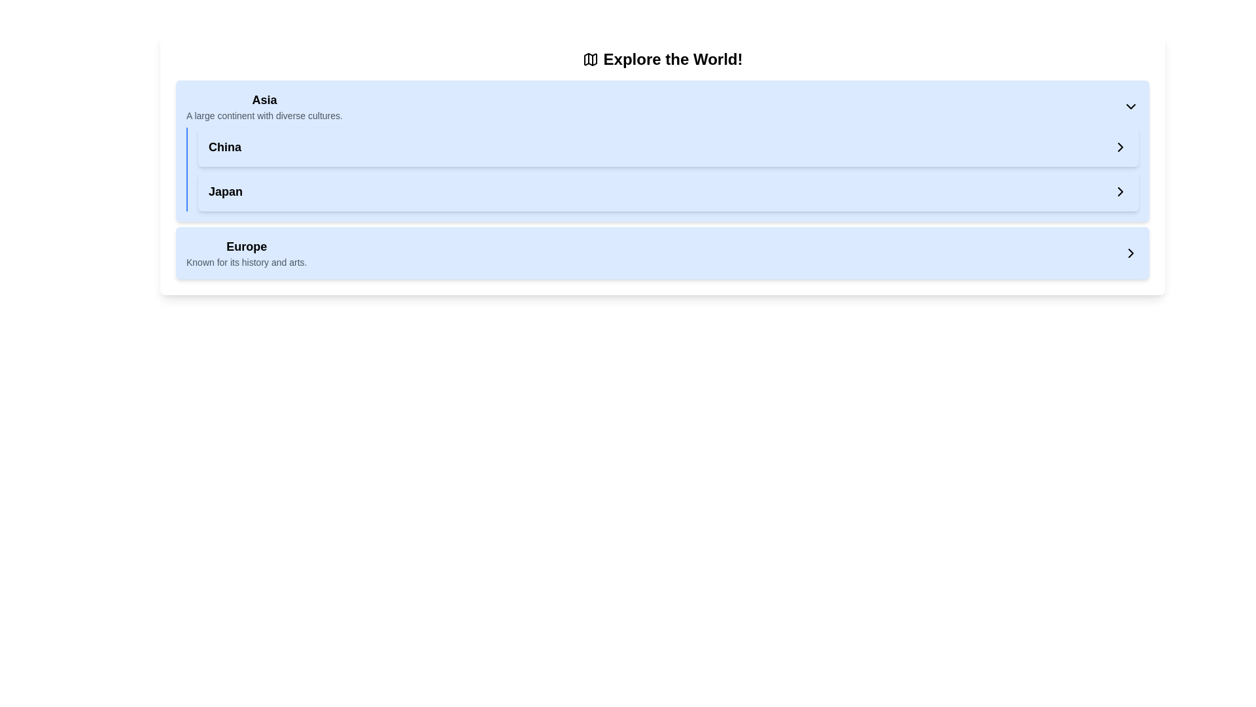 The height and width of the screenshot is (707, 1256). What do you see at coordinates (1130, 105) in the screenshot?
I see `the downward-facing chevron icon located at the far right of the 'Asia' header in the 'Explore the World!' interface` at bounding box center [1130, 105].